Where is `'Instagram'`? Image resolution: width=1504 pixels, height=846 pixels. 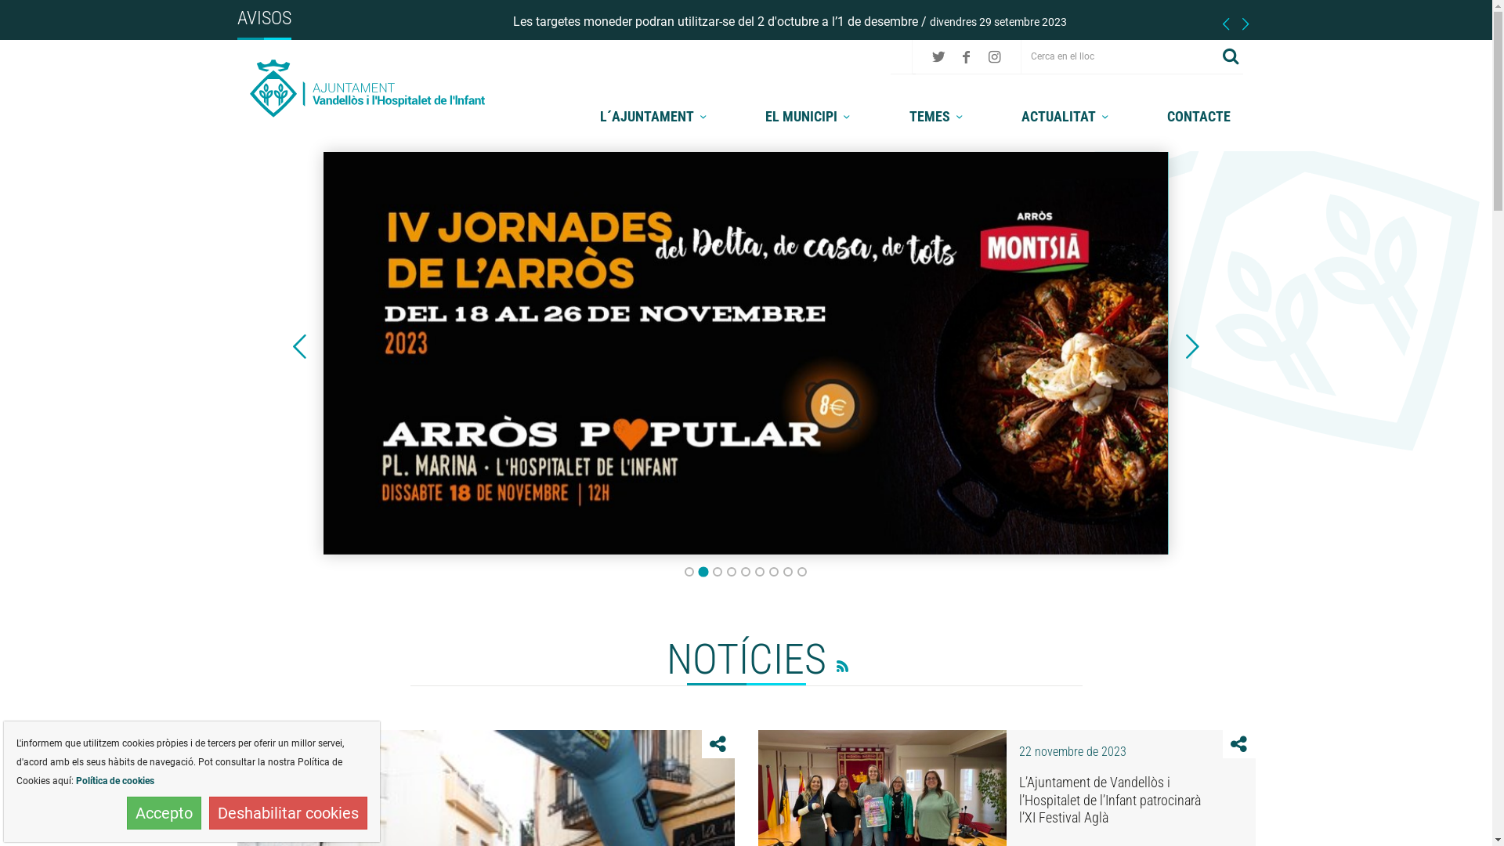
'Instagram' is located at coordinates (993, 56).